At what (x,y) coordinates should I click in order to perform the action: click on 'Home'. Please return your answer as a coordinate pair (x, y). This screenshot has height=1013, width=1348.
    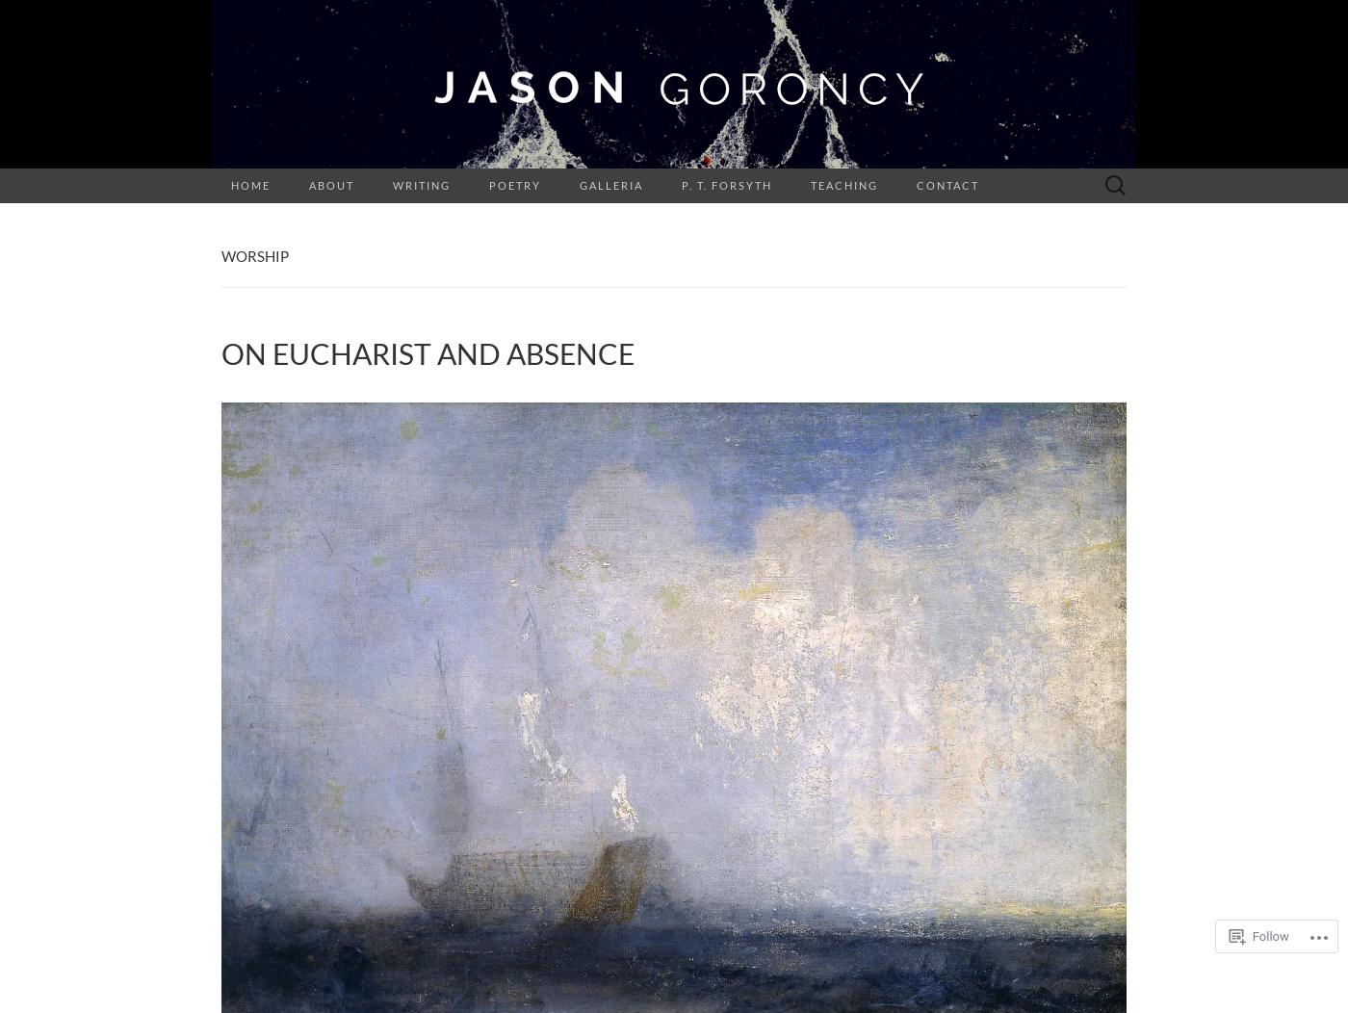
    Looking at the image, I should click on (250, 185).